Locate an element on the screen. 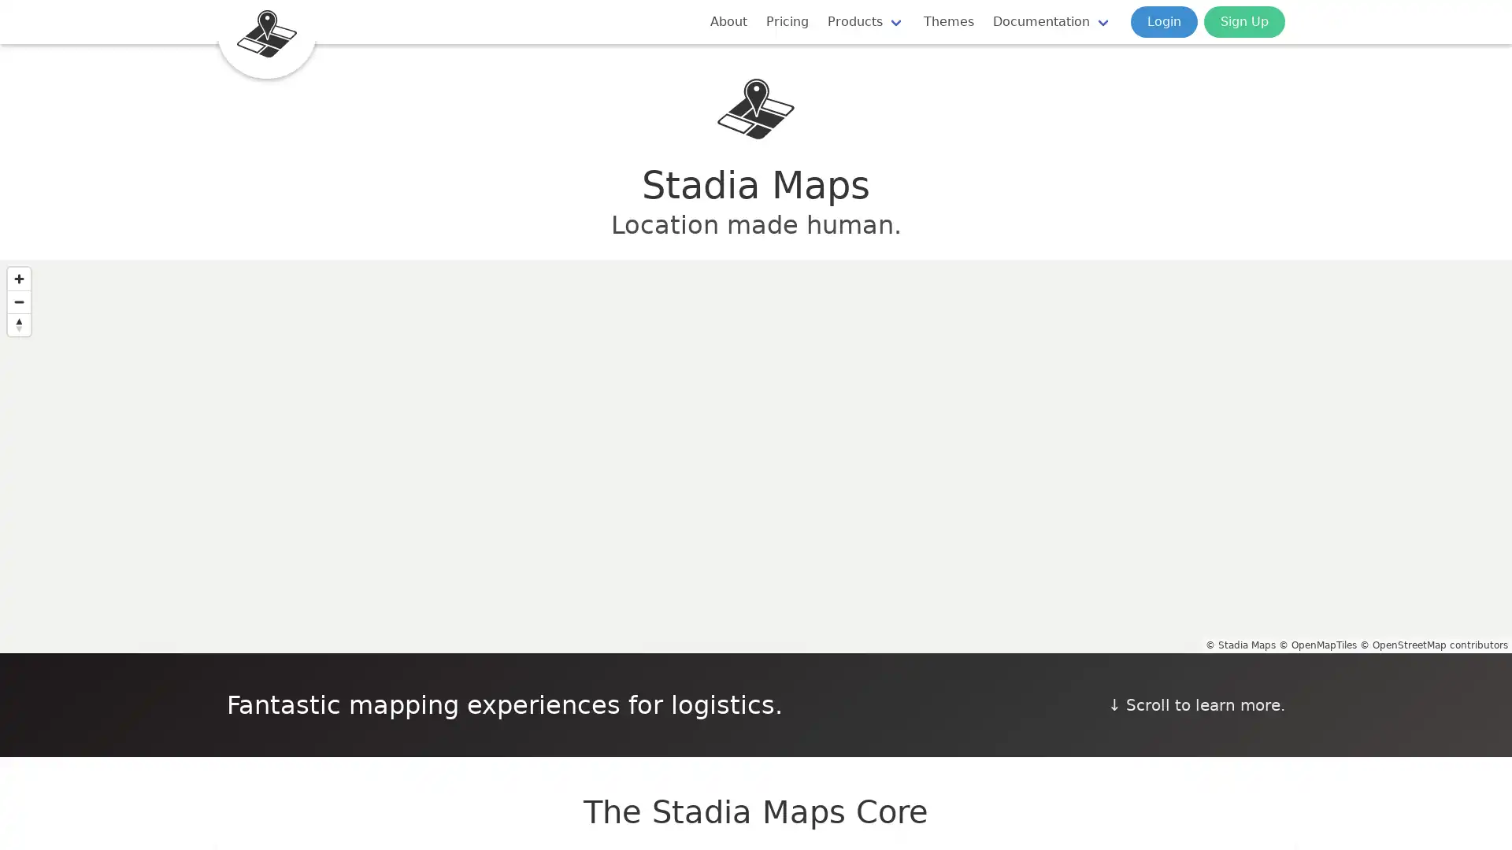 The height and width of the screenshot is (850, 1512). Reset bearing to north is located at coordinates (19, 323).